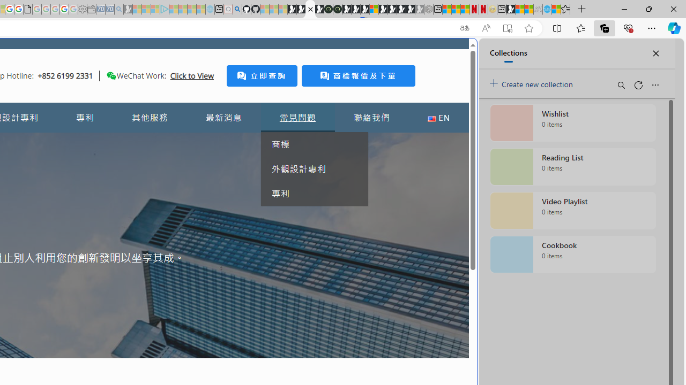 This screenshot has height=385, width=686. Describe the element at coordinates (82, 9) in the screenshot. I see `'Settings - Sleeping'` at that location.